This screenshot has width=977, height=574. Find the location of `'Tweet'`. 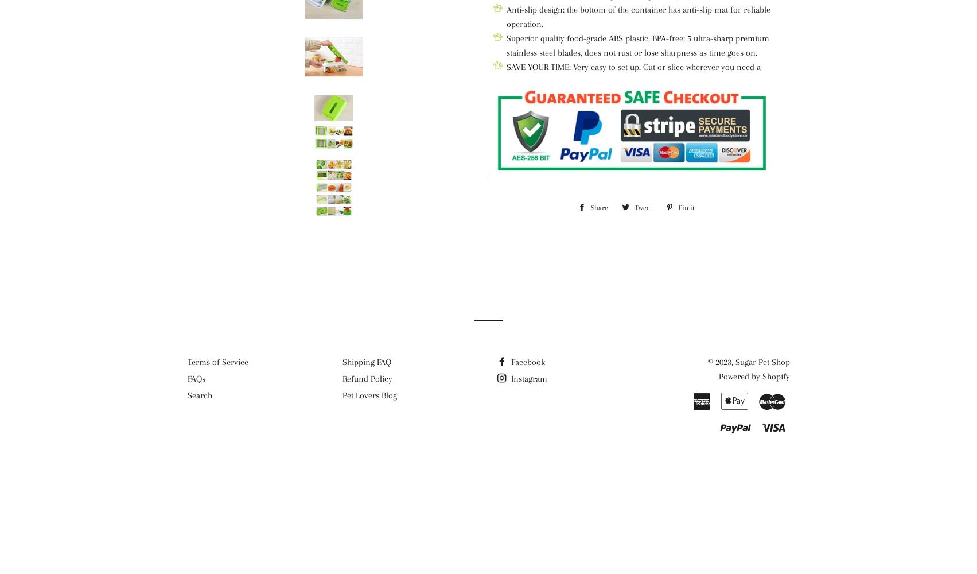

'Tweet' is located at coordinates (643, 207).